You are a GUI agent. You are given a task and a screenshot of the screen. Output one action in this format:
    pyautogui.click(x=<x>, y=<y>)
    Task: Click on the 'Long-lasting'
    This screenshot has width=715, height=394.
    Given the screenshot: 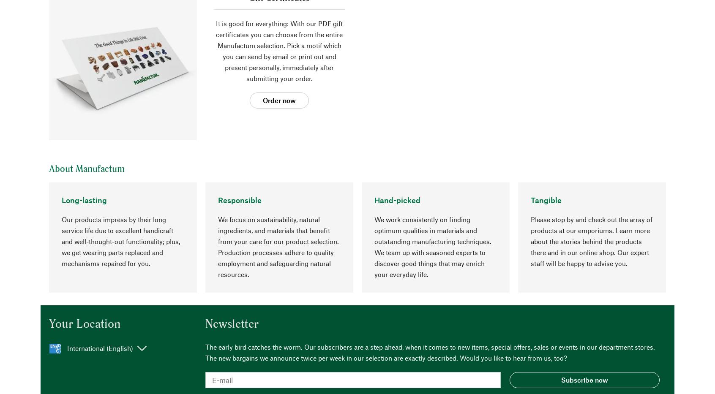 What is the action you would take?
    pyautogui.click(x=61, y=200)
    